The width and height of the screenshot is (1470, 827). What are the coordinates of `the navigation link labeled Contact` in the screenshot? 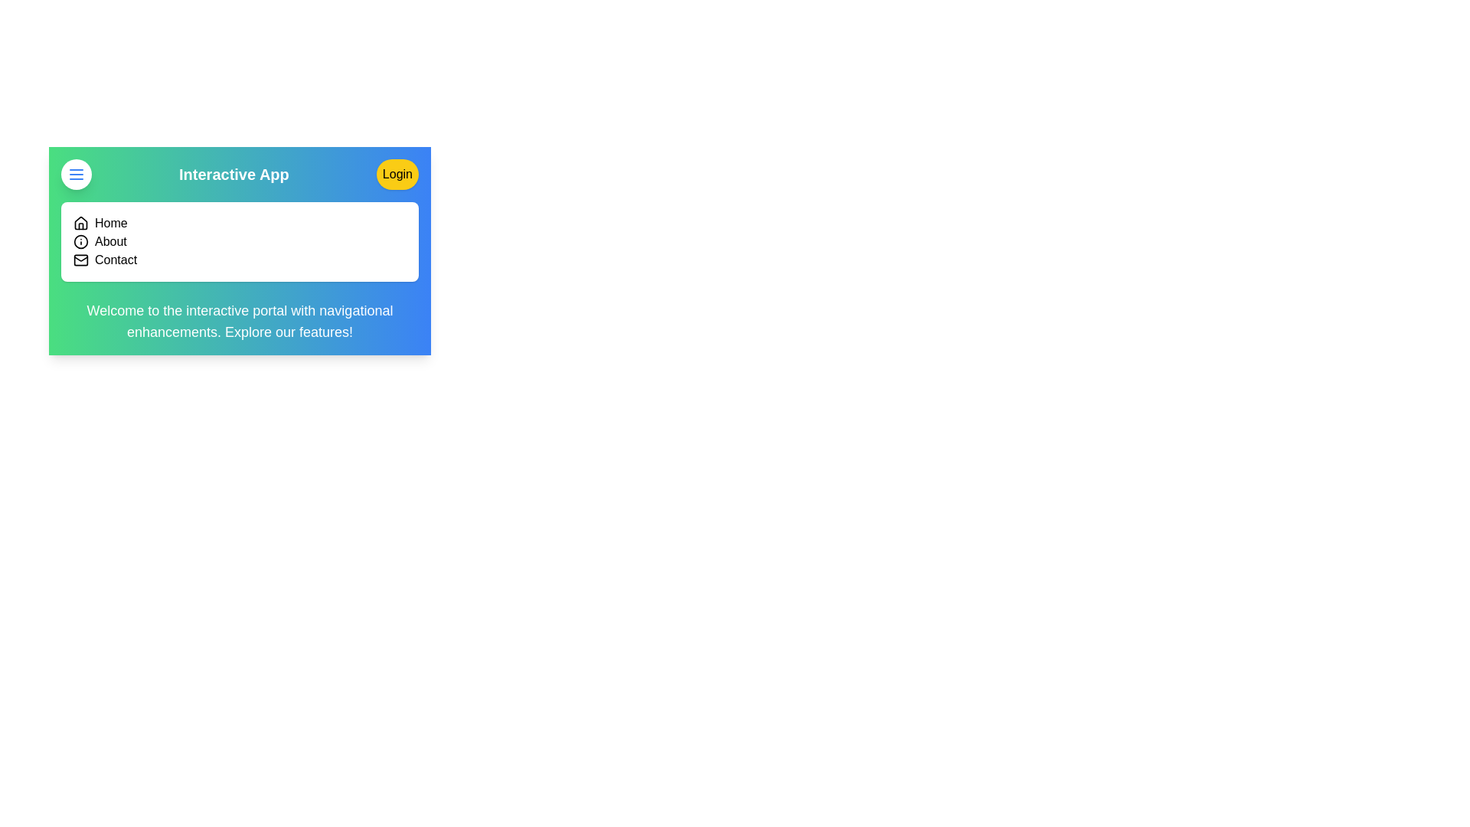 It's located at (115, 259).